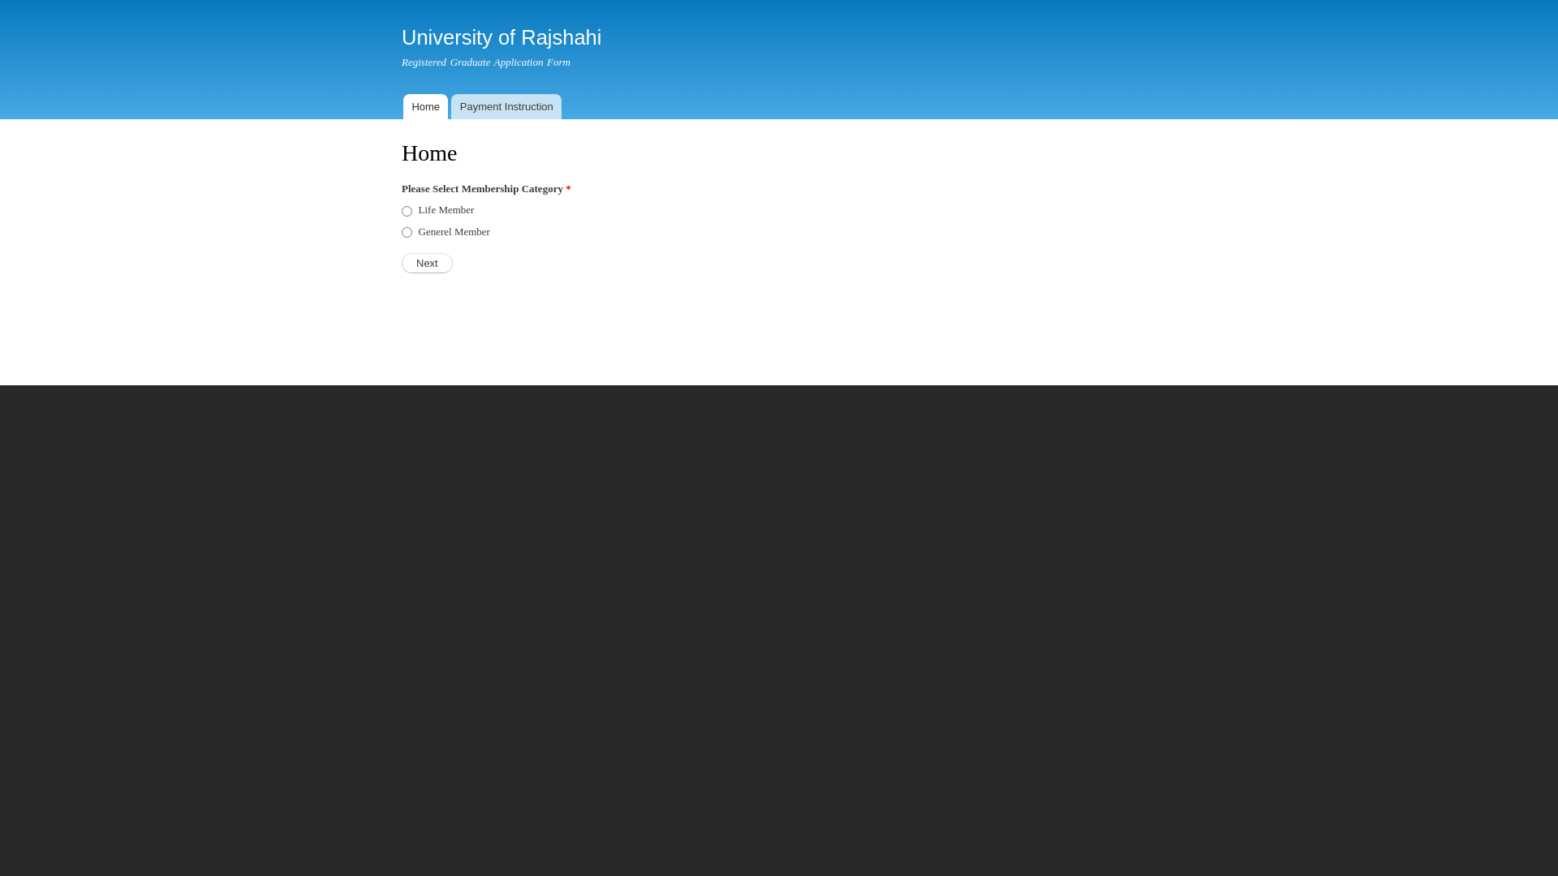  Describe the element at coordinates (501, 36) in the screenshot. I see `'University of Rajshahi'` at that location.